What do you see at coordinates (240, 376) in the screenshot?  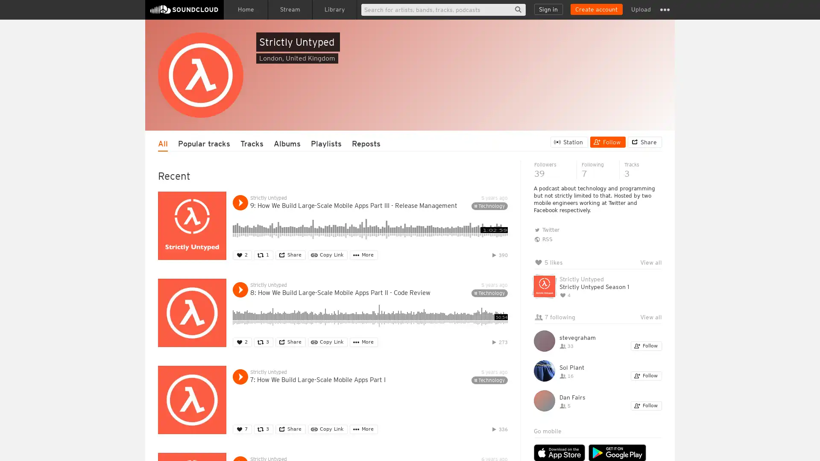 I see `Play` at bounding box center [240, 376].